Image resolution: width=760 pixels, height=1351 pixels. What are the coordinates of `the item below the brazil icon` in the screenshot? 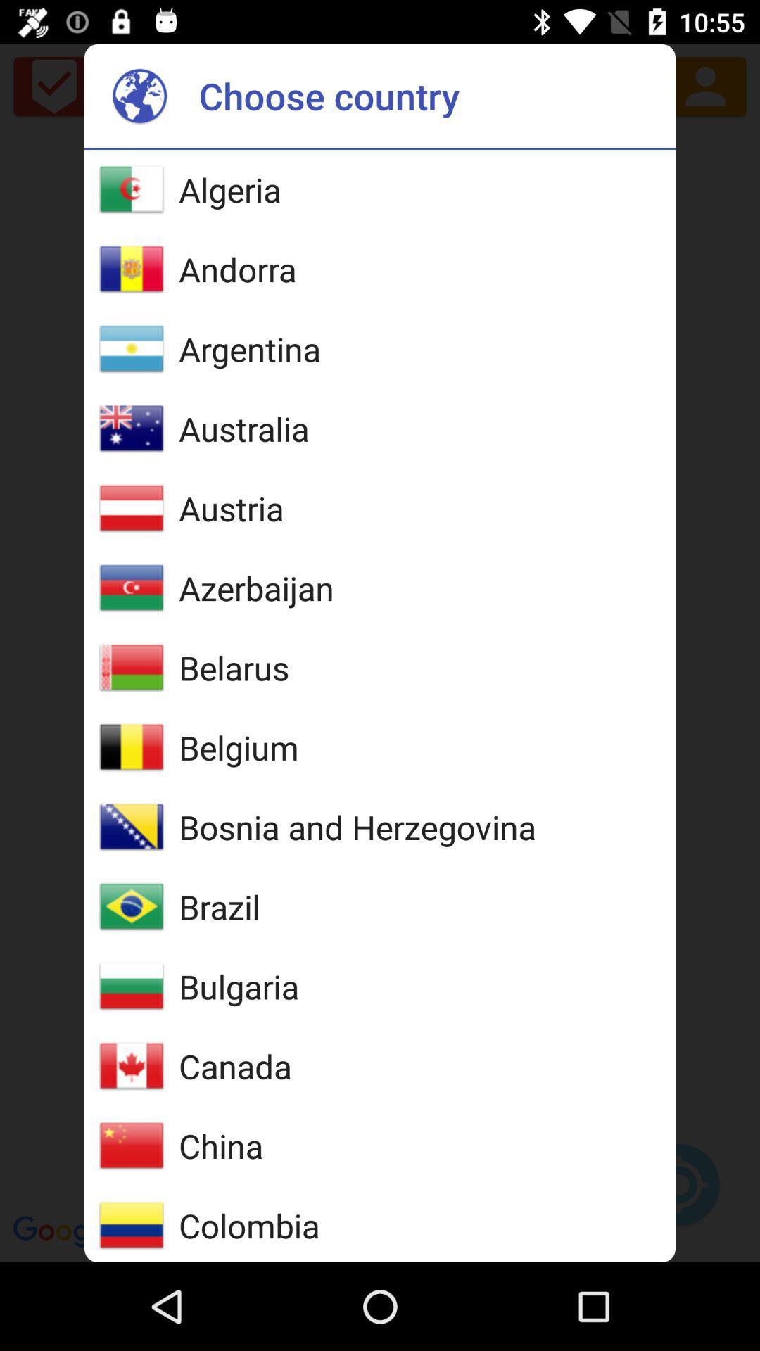 It's located at (238, 986).